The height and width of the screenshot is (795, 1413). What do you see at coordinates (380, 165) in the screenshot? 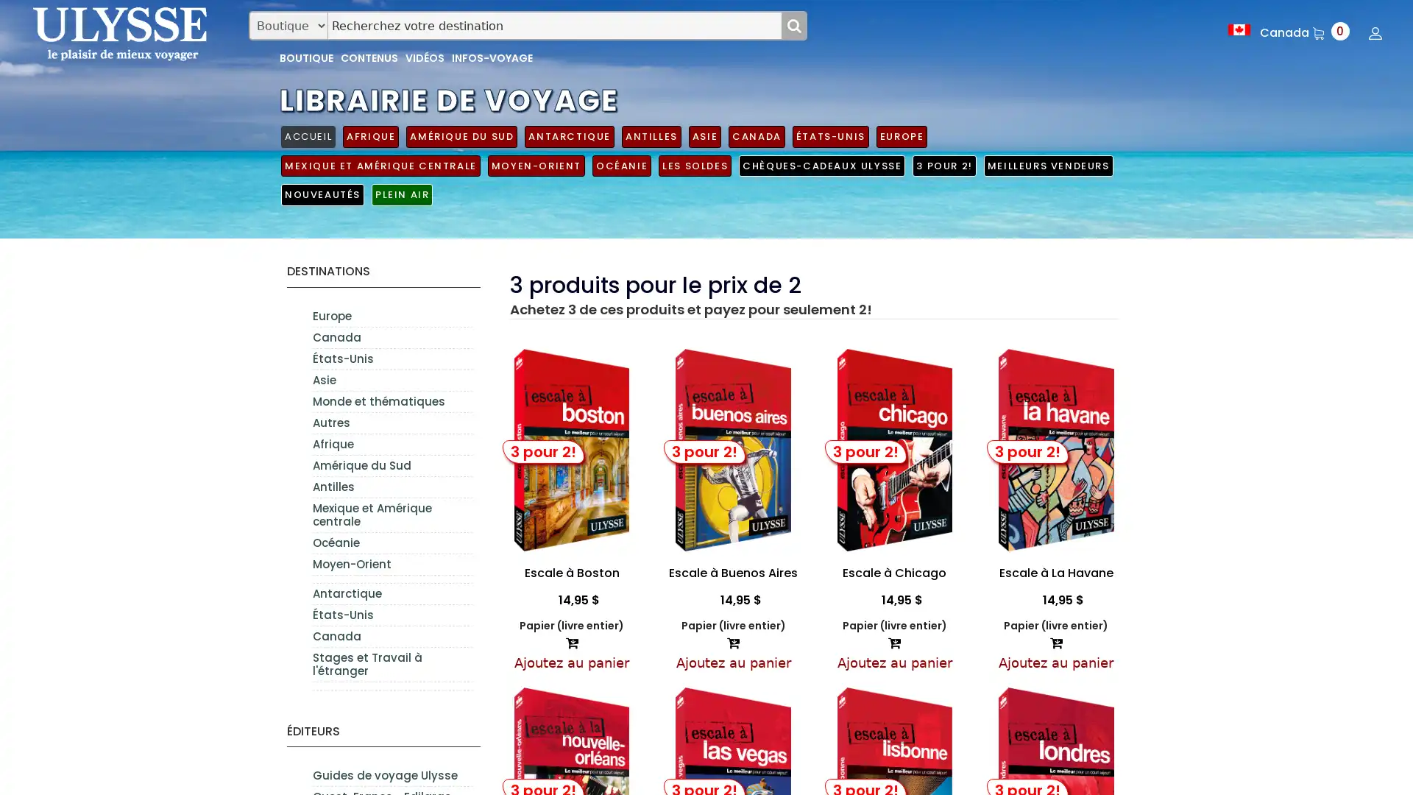
I see `MEXIQUE ET AMERIQUE CENTRALE` at bounding box center [380, 165].